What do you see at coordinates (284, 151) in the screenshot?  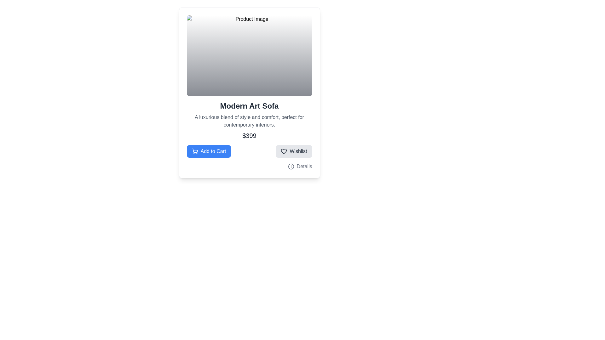 I see `the heart icon located to the right of the 'Add to Cart' button and above the 'Details' link` at bounding box center [284, 151].